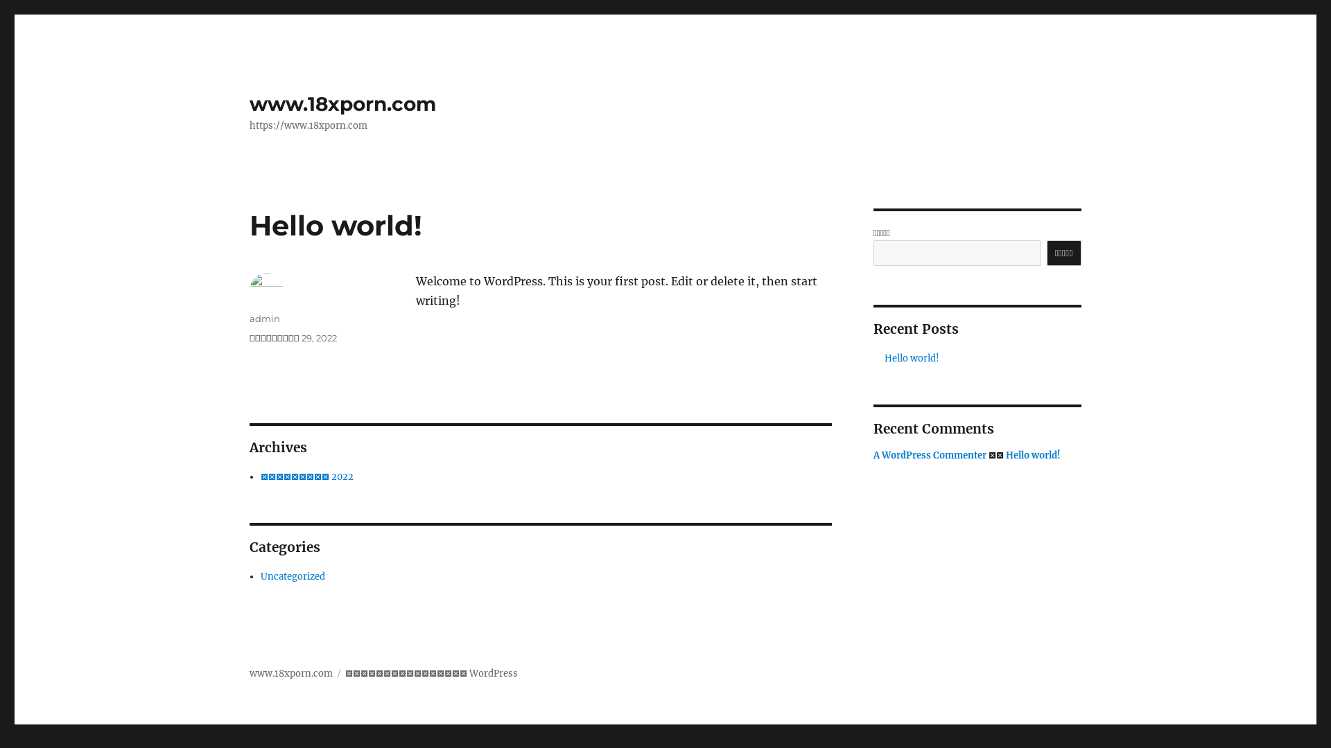 The height and width of the screenshot is (748, 1331). I want to click on 'www.18xporn.com', so click(342, 103).